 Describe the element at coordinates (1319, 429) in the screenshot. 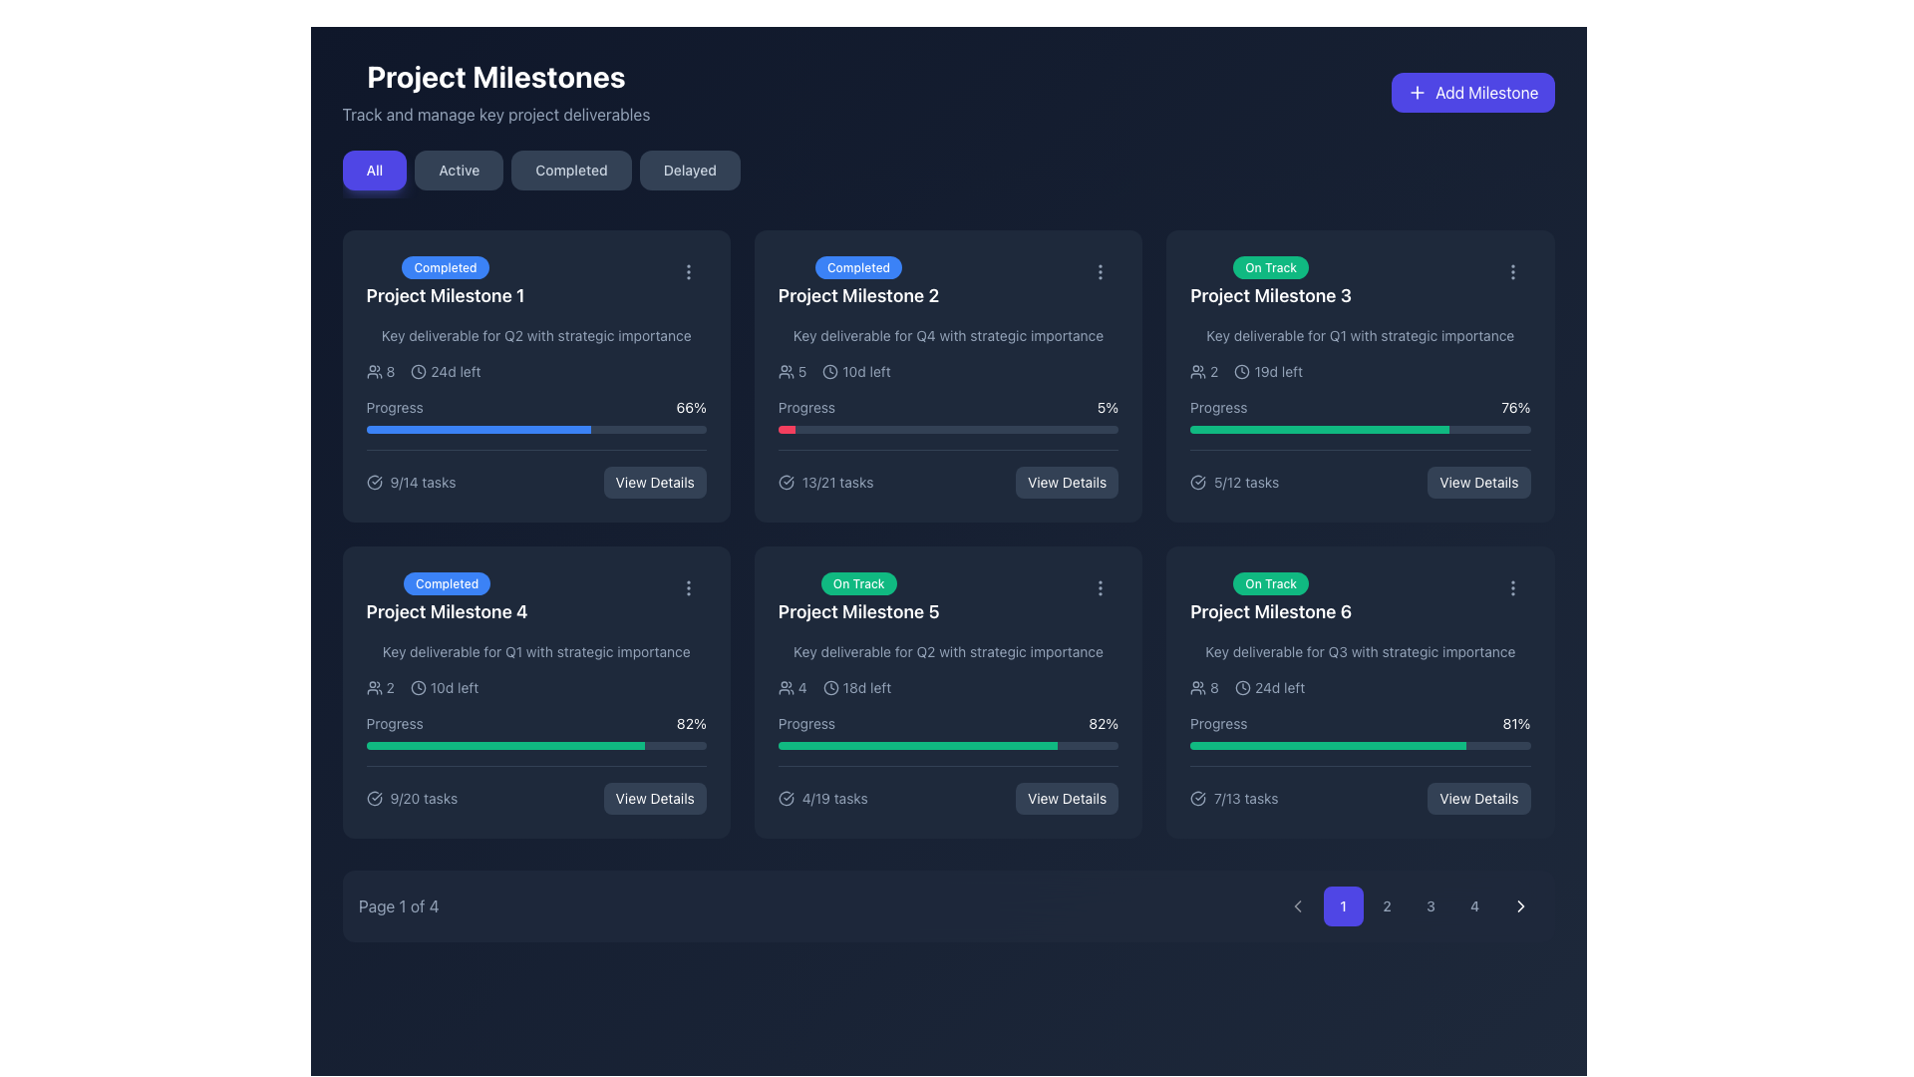

I see `the progress indicator of the progress bar located within the 'Project Milestone 3' card, beneath the milestone description and above the task completion text` at that location.